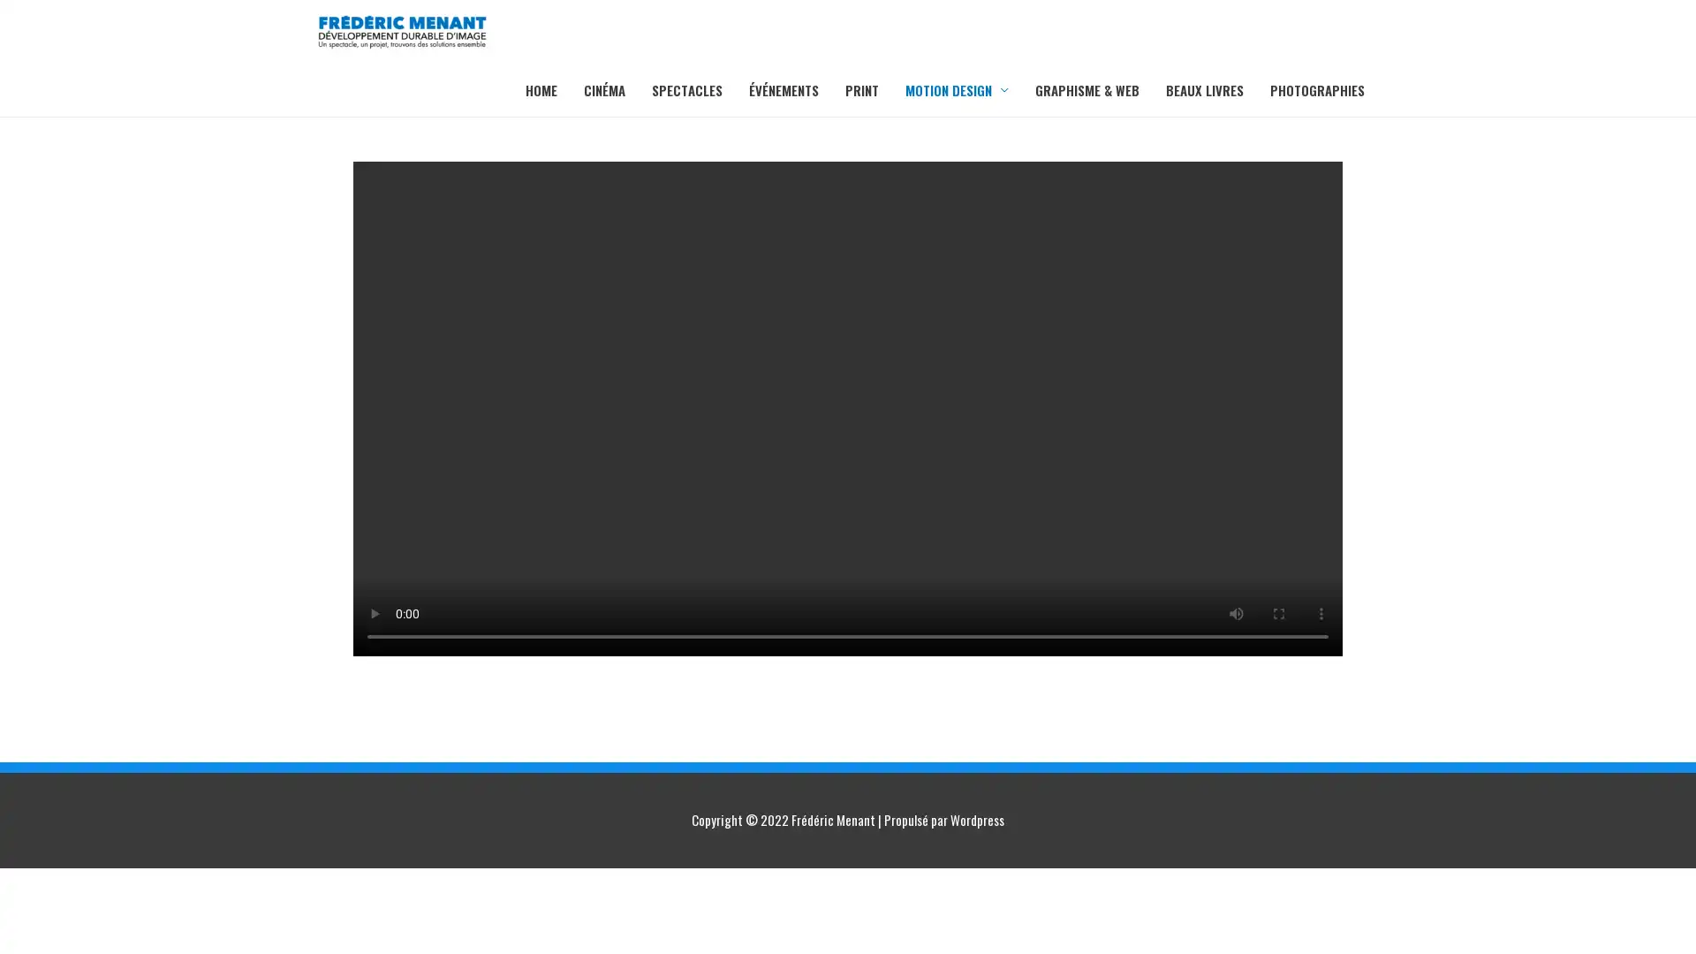 The height and width of the screenshot is (954, 1696). Describe the element at coordinates (1321, 612) in the screenshot. I see `show more media controls` at that location.